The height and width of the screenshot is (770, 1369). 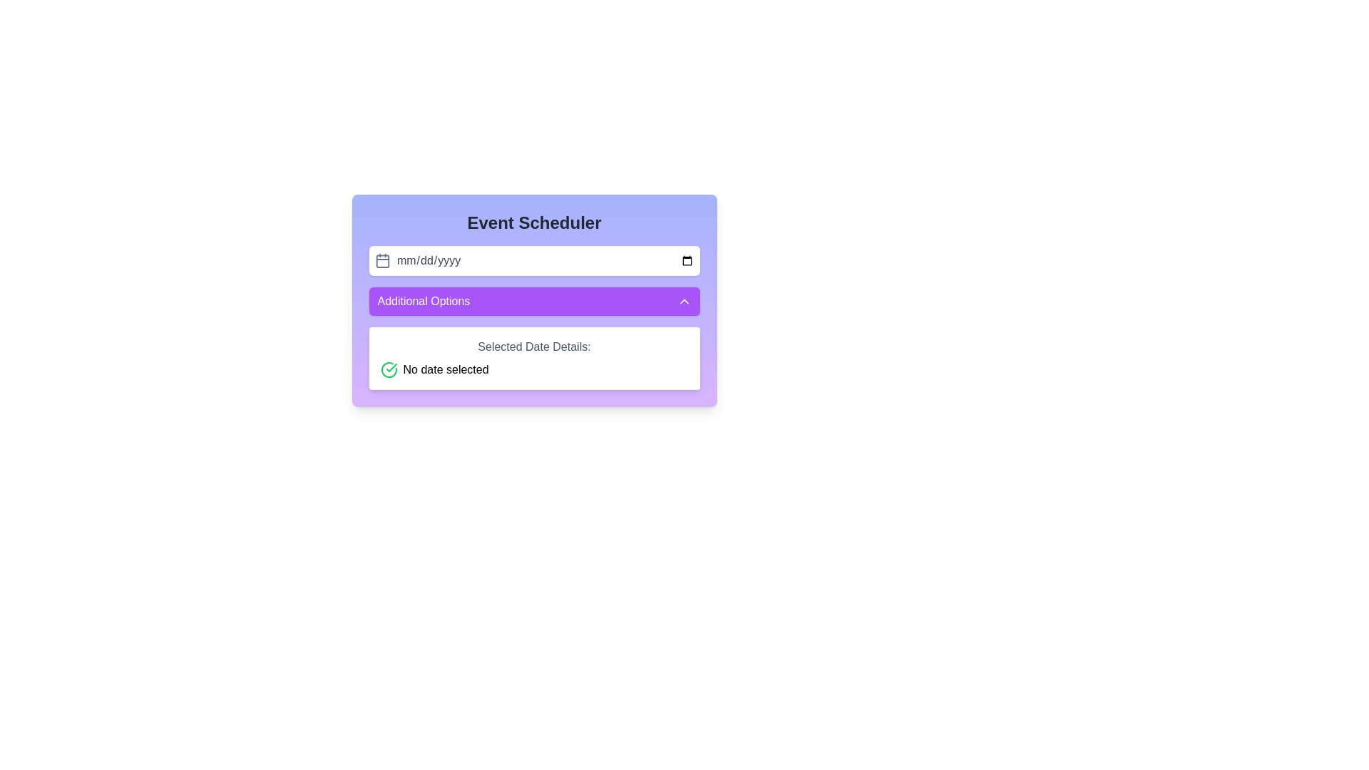 I want to click on the Text Label that serves as a title for the section indicating the purpose of the information below it, located above the 'No date selected' text, so click(x=533, y=346).